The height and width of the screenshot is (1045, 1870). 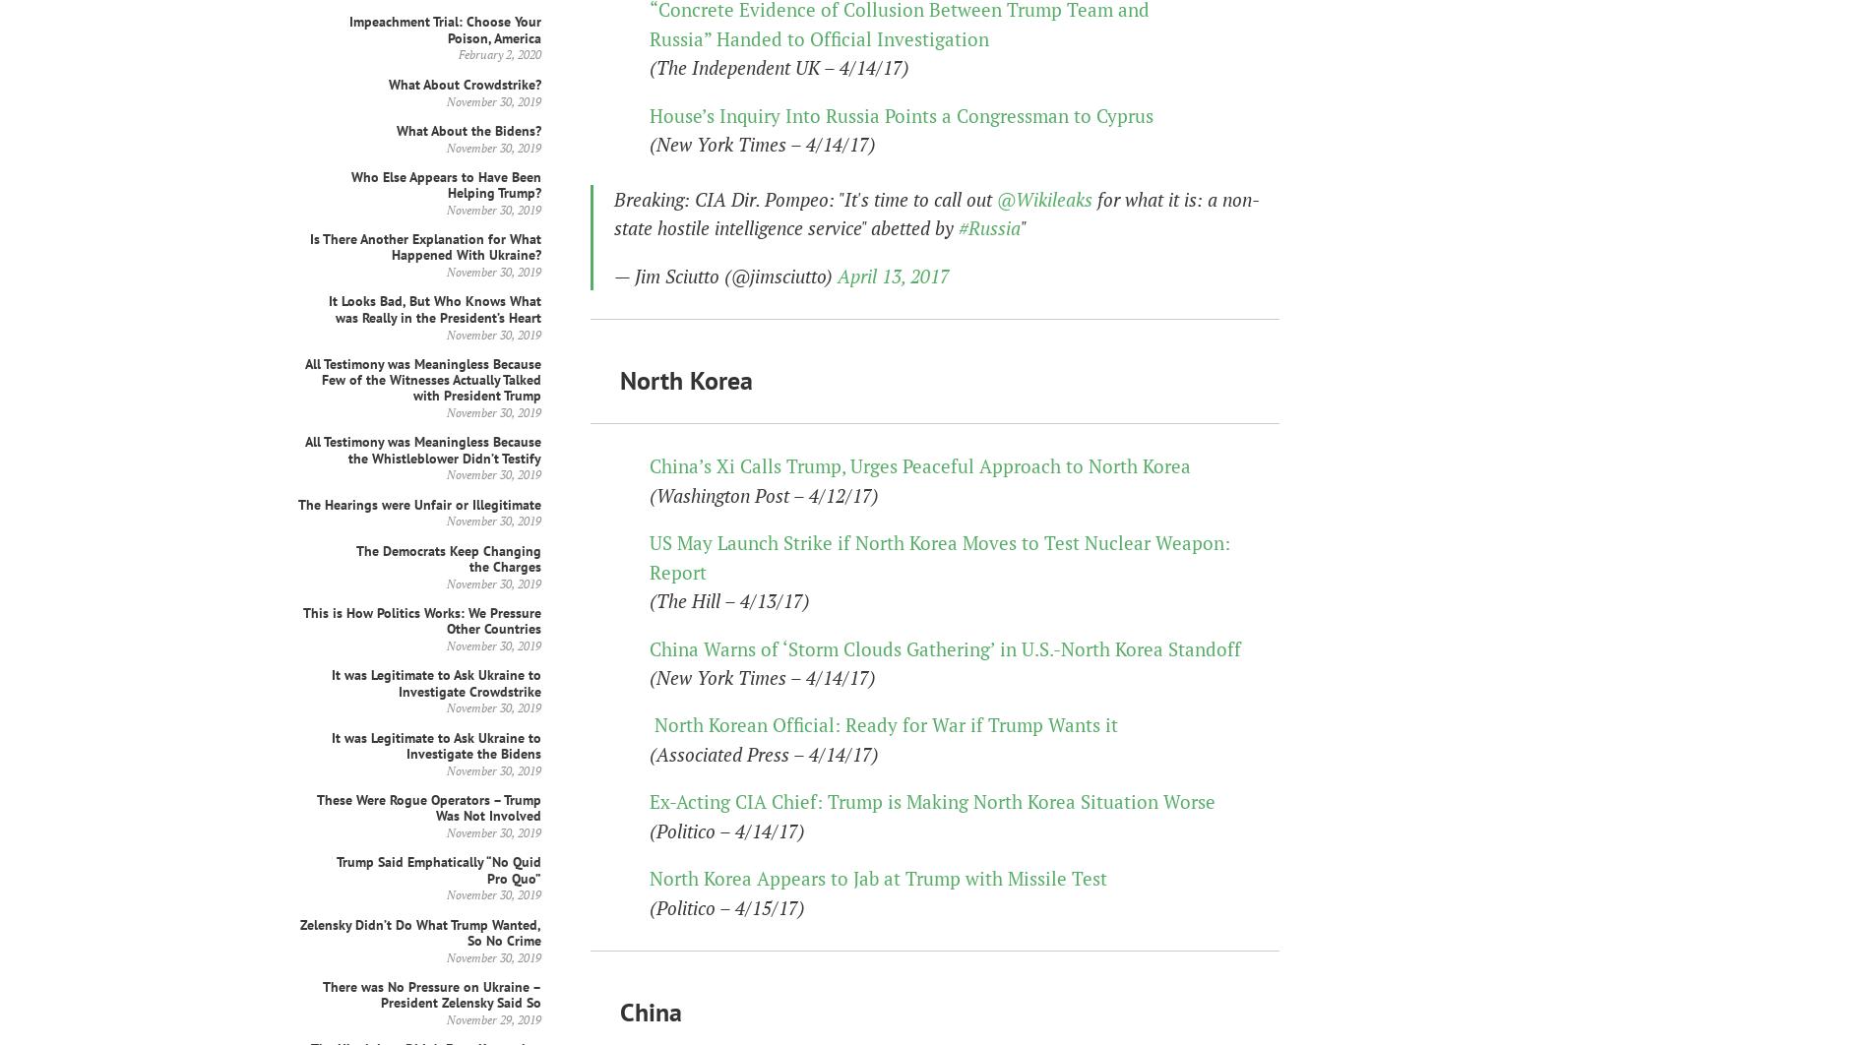 I want to click on 'North Korea Appears to Jab at Trump with Missile Test', so click(x=877, y=877).